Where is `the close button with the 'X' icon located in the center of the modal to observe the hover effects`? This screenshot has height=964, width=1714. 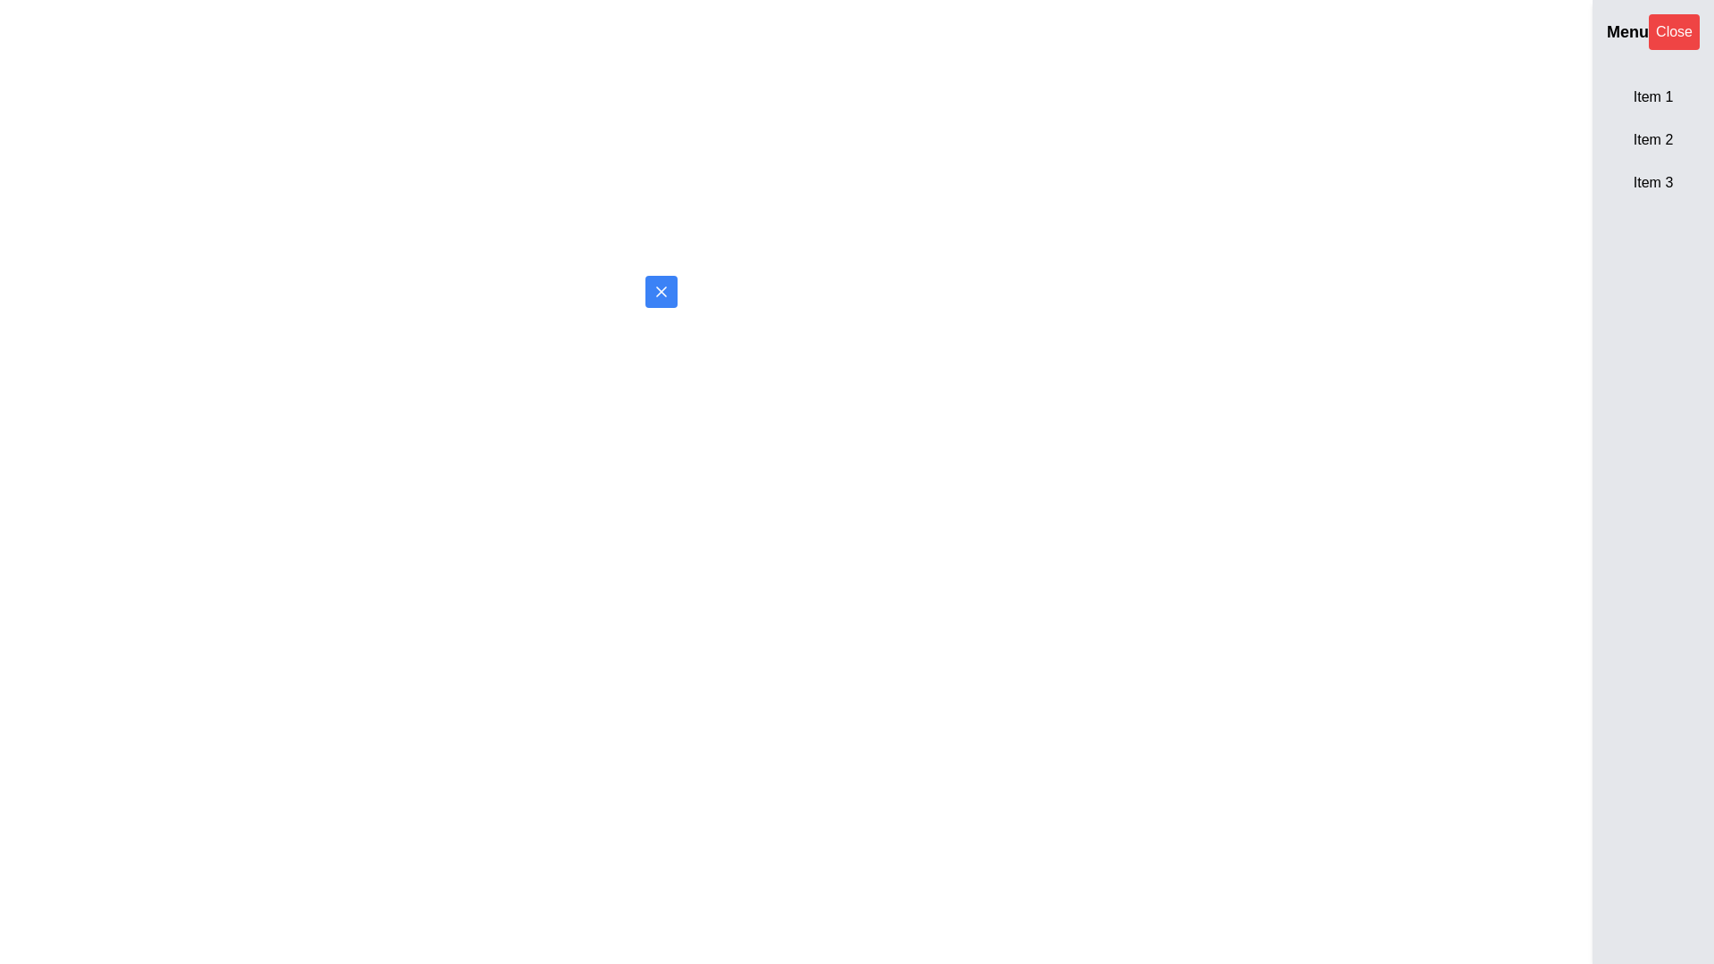
the close button with the 'X' icon located in the center of the modal to observe the hover effects is located at coordinates (660, 291).